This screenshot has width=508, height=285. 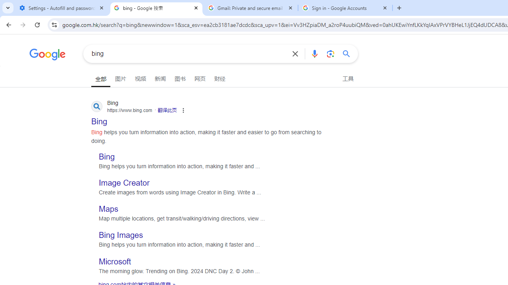 What do you see at coordinates (62, 8) in the screenshot?
I see `'Settings - Autofill and passwords'` at bounding box center [62, 8].